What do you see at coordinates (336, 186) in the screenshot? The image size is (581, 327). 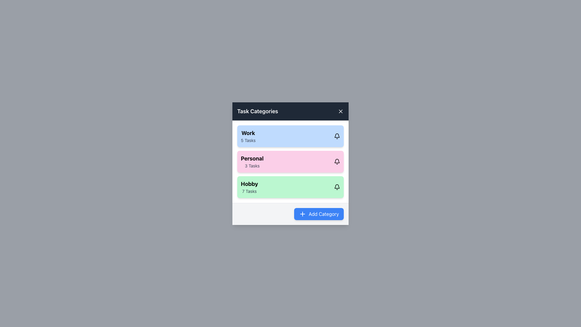 I see `the bottom arc segment of the notification bell icon located at the bottom right of the 'Hobby' category card` at bounding box center [336, 186].